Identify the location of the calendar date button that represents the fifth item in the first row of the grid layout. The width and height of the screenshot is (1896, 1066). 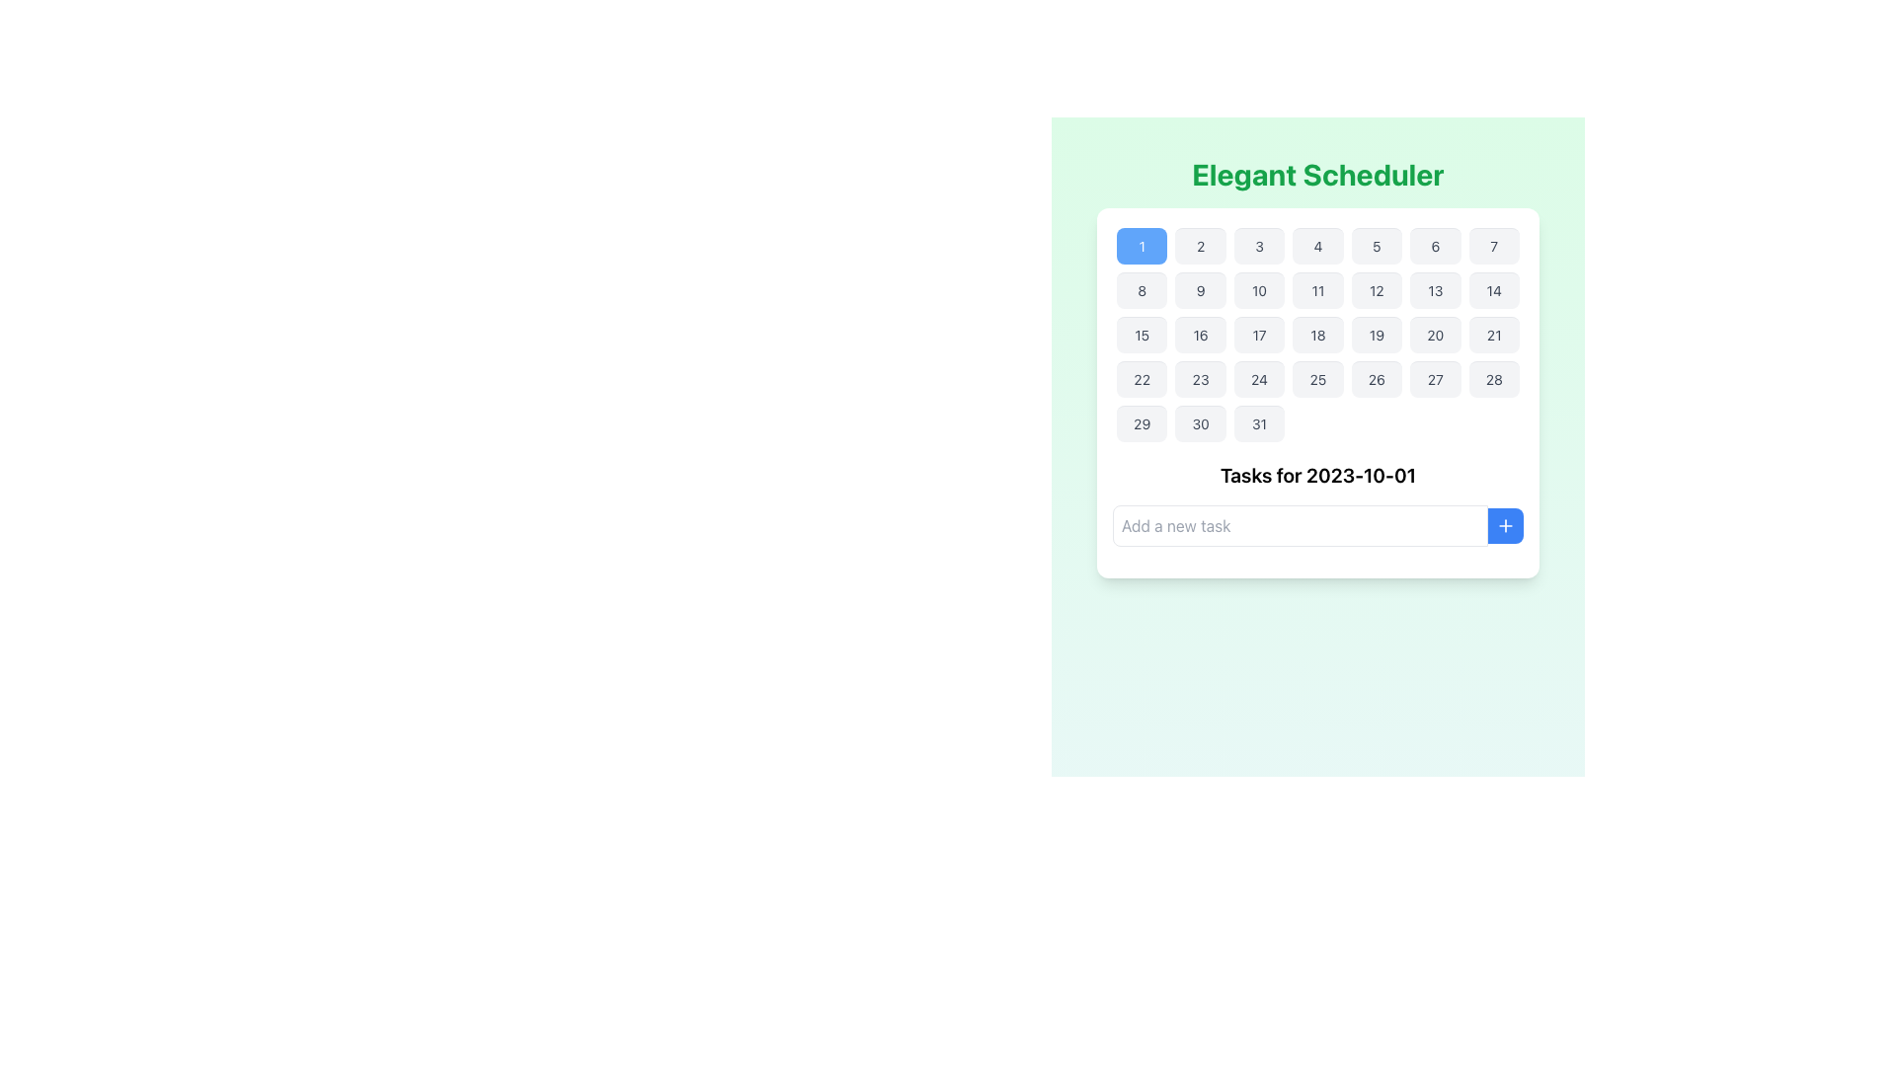
(1376, 245).